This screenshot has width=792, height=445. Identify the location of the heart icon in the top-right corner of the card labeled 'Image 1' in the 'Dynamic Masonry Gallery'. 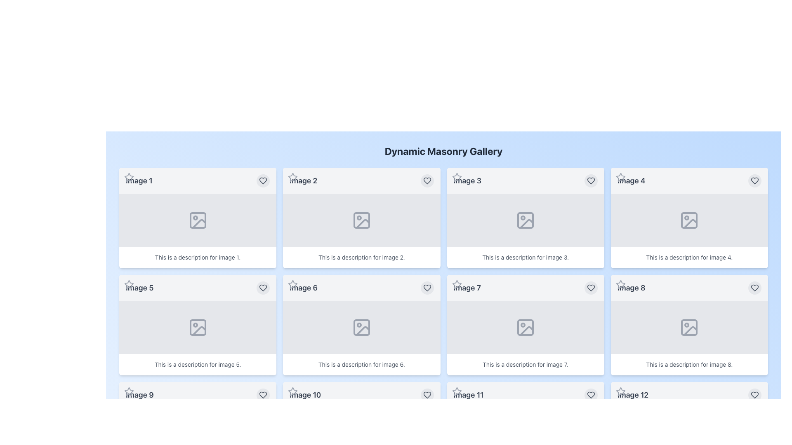
(263, 180).